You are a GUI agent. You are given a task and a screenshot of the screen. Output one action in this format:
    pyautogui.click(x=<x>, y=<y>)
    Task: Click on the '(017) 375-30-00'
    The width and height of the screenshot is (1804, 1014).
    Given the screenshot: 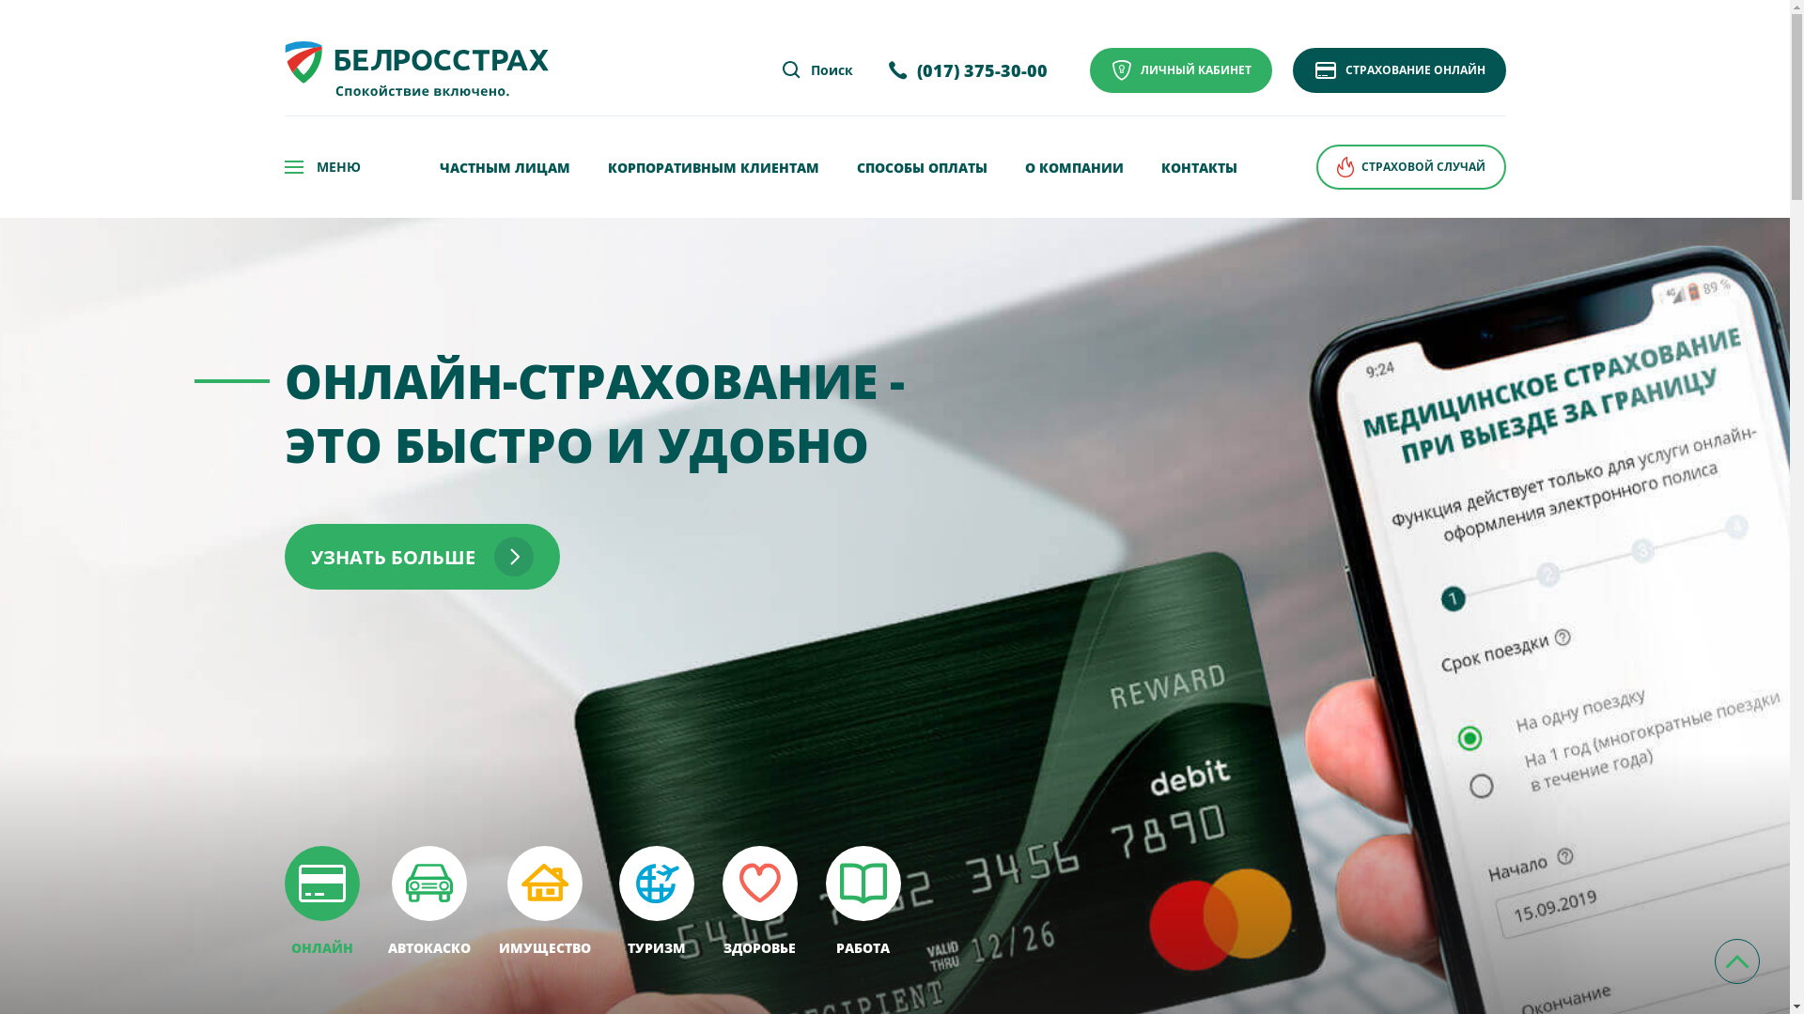 What is the action you would take?
    pyautogui.click(x=967, y=69)
    